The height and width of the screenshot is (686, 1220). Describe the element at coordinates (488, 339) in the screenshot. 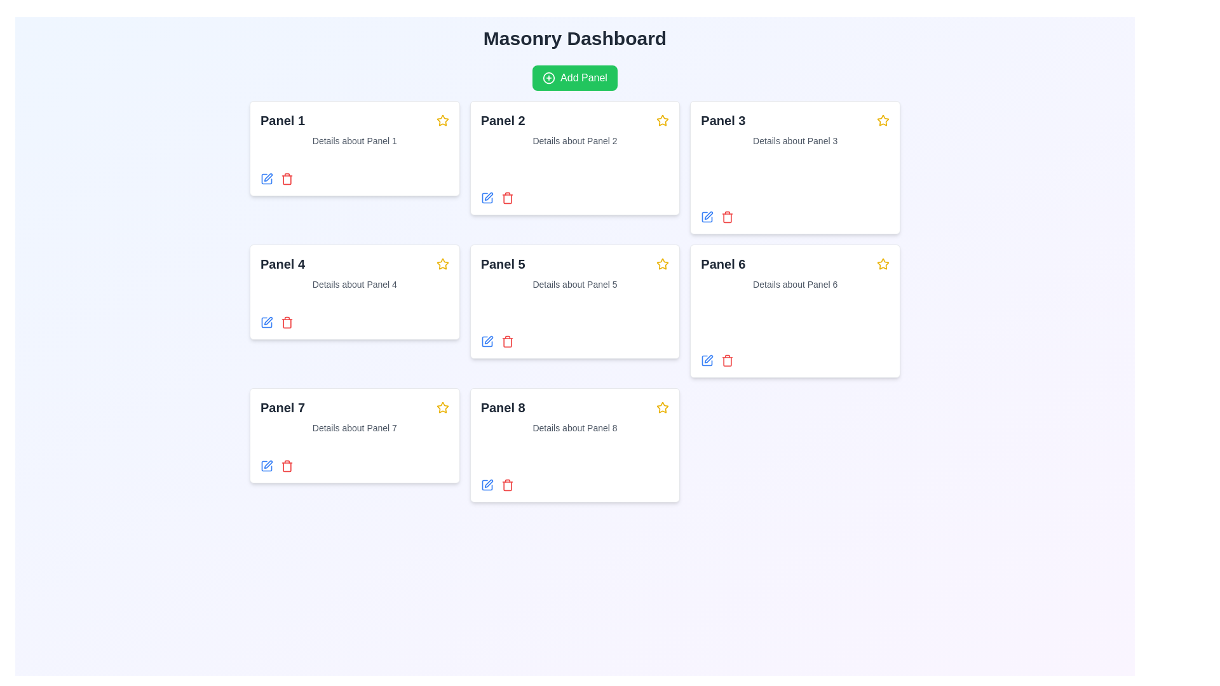

I see `the pen icon located in the bottom-left portion of the panel labeled 'Panel 5'` at that location.